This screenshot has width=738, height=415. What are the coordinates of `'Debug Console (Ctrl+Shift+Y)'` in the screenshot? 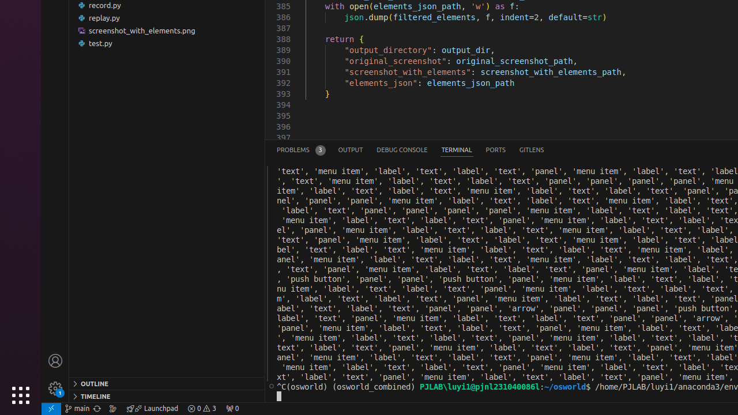 It's located at (402, 149).